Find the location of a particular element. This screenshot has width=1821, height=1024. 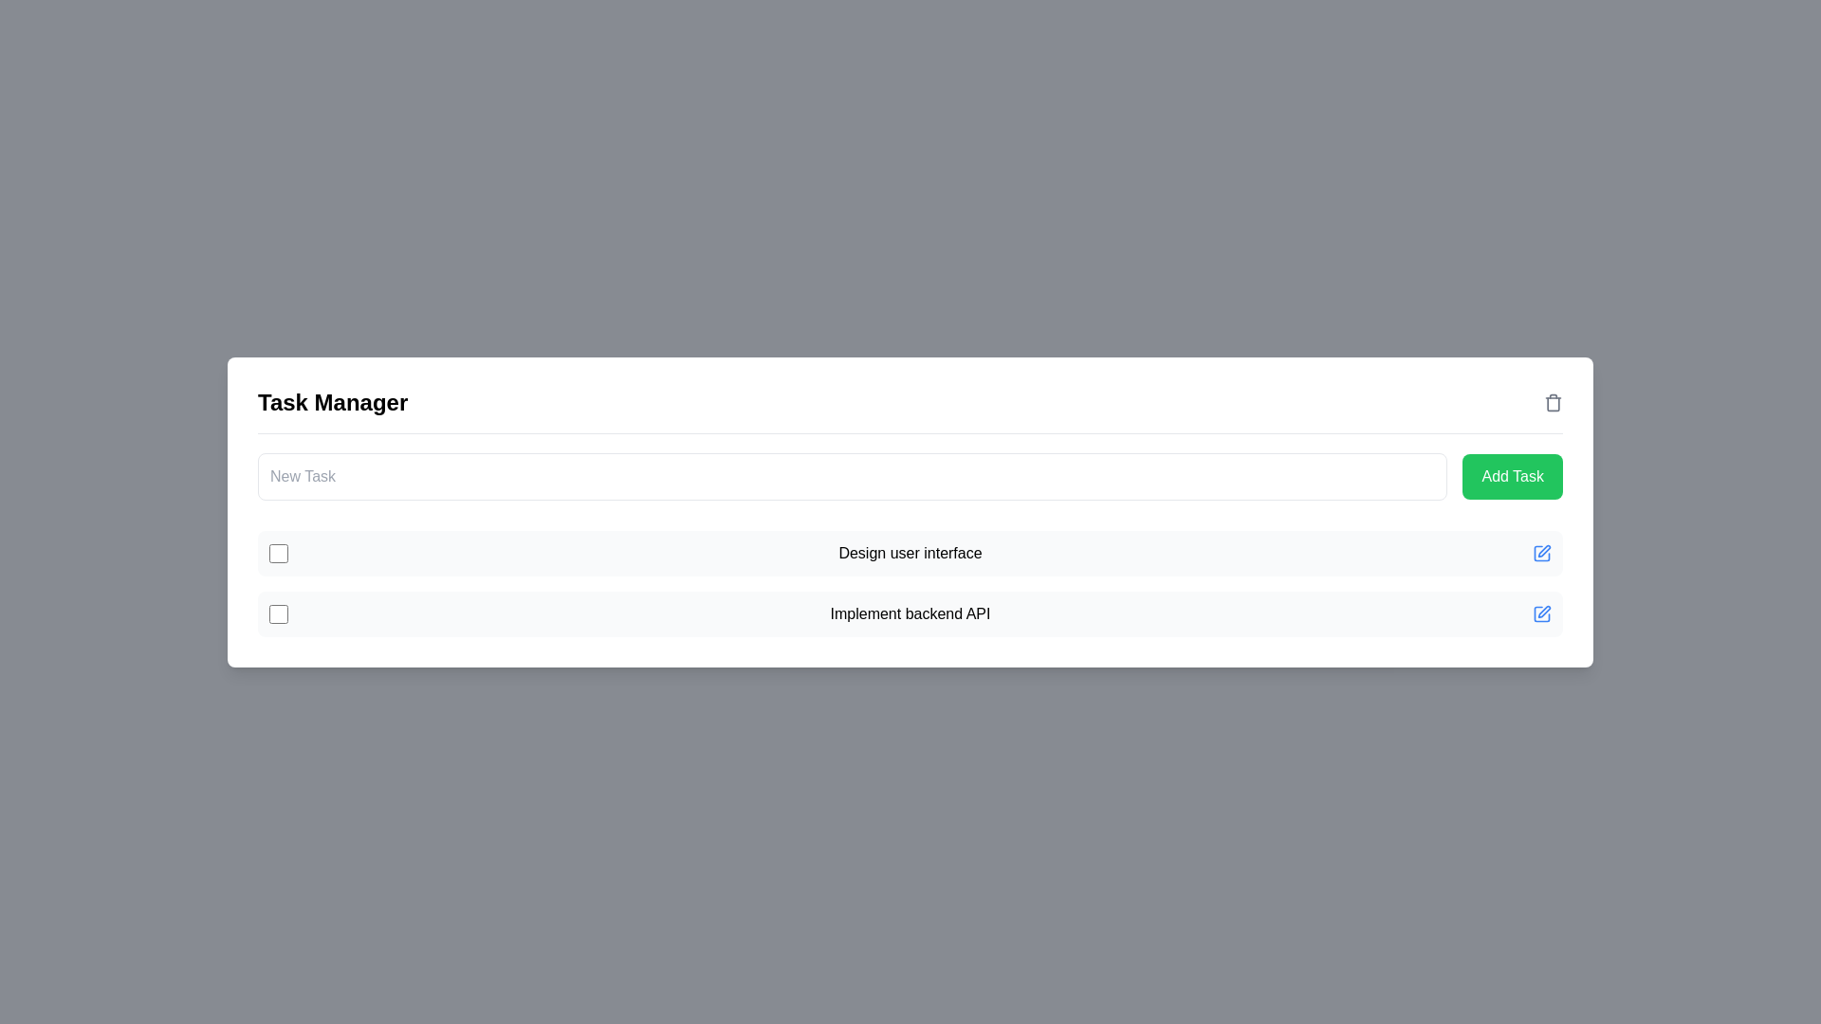

the blue outlined pen icon button located at the right end of the row containing the text 'Design user interface' is located at coordinates (1542, 553).